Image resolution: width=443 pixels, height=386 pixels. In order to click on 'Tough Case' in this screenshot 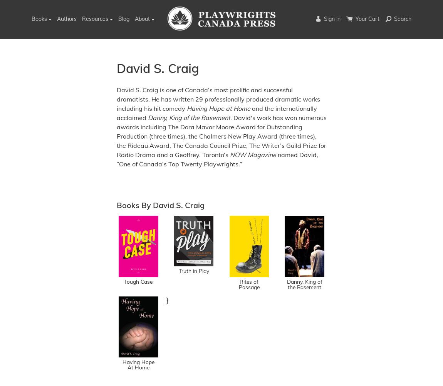, I will do `click(124, 281)`.